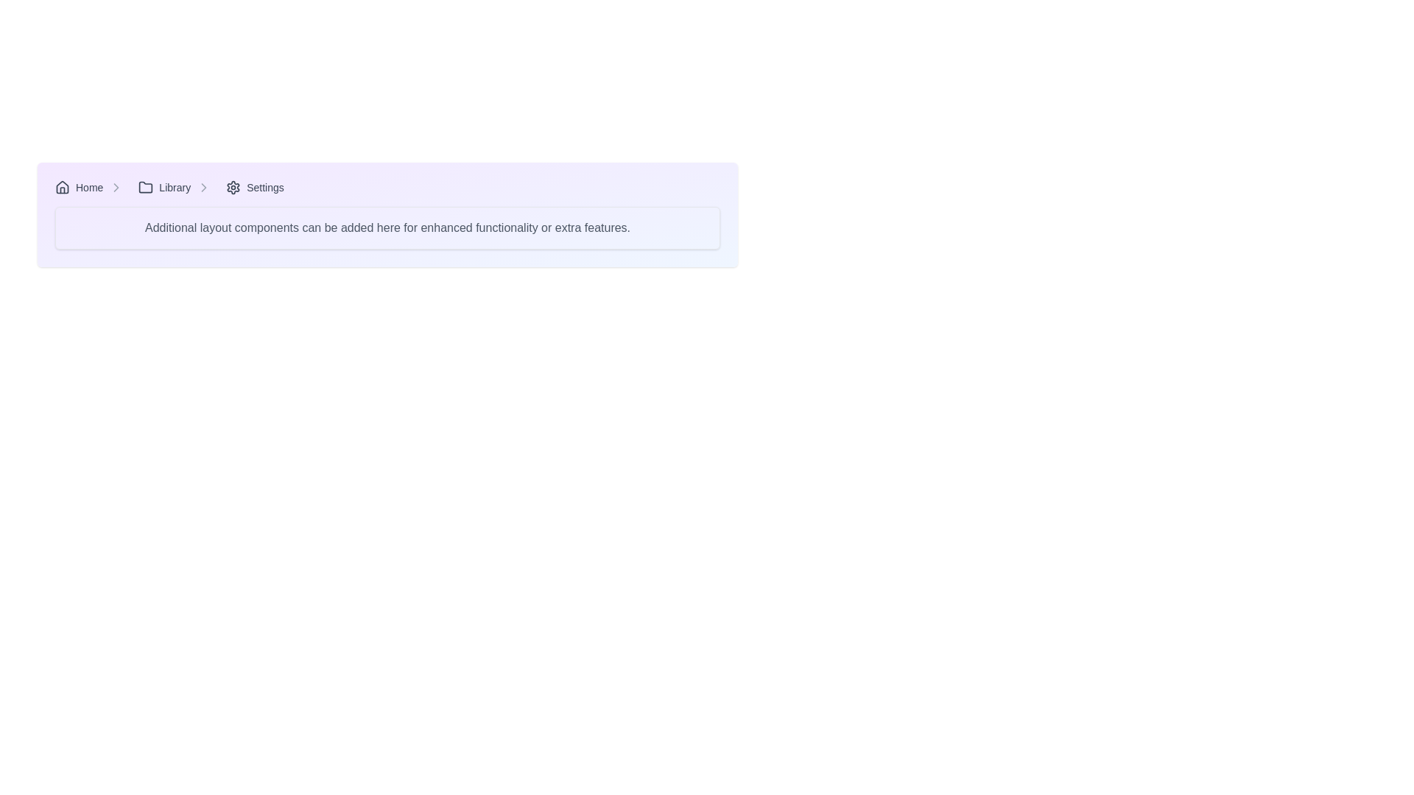 This screenshot has width=1414, height=795. Describe the element at coordinates (255, 186) in the screenshot. I see `the 'Settings' link with gear icon in the breadcrumb navigation` at that location.